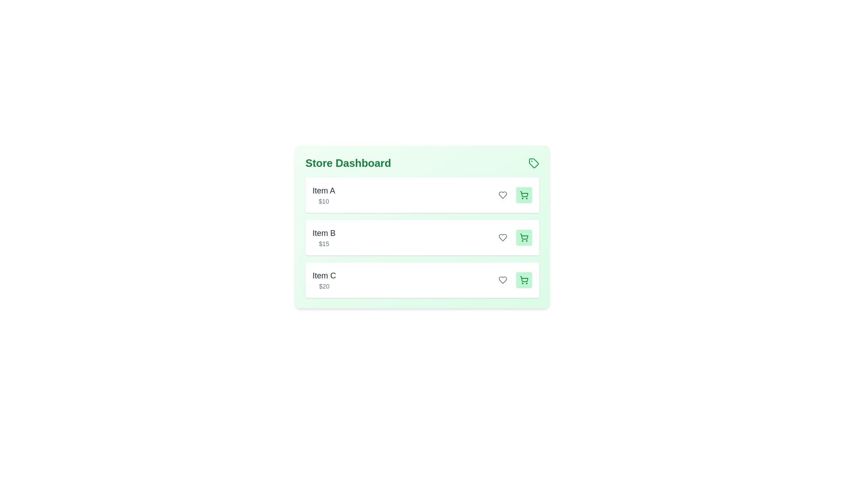 The width and height of the screenshot is (850, 478). Describe the element at coordinates (533, 163) in the screenshot. I see `the tag icon located at the far-right of the header row labeled 'Store Dashboard', which visually represents a categorization or label feature` at that location.